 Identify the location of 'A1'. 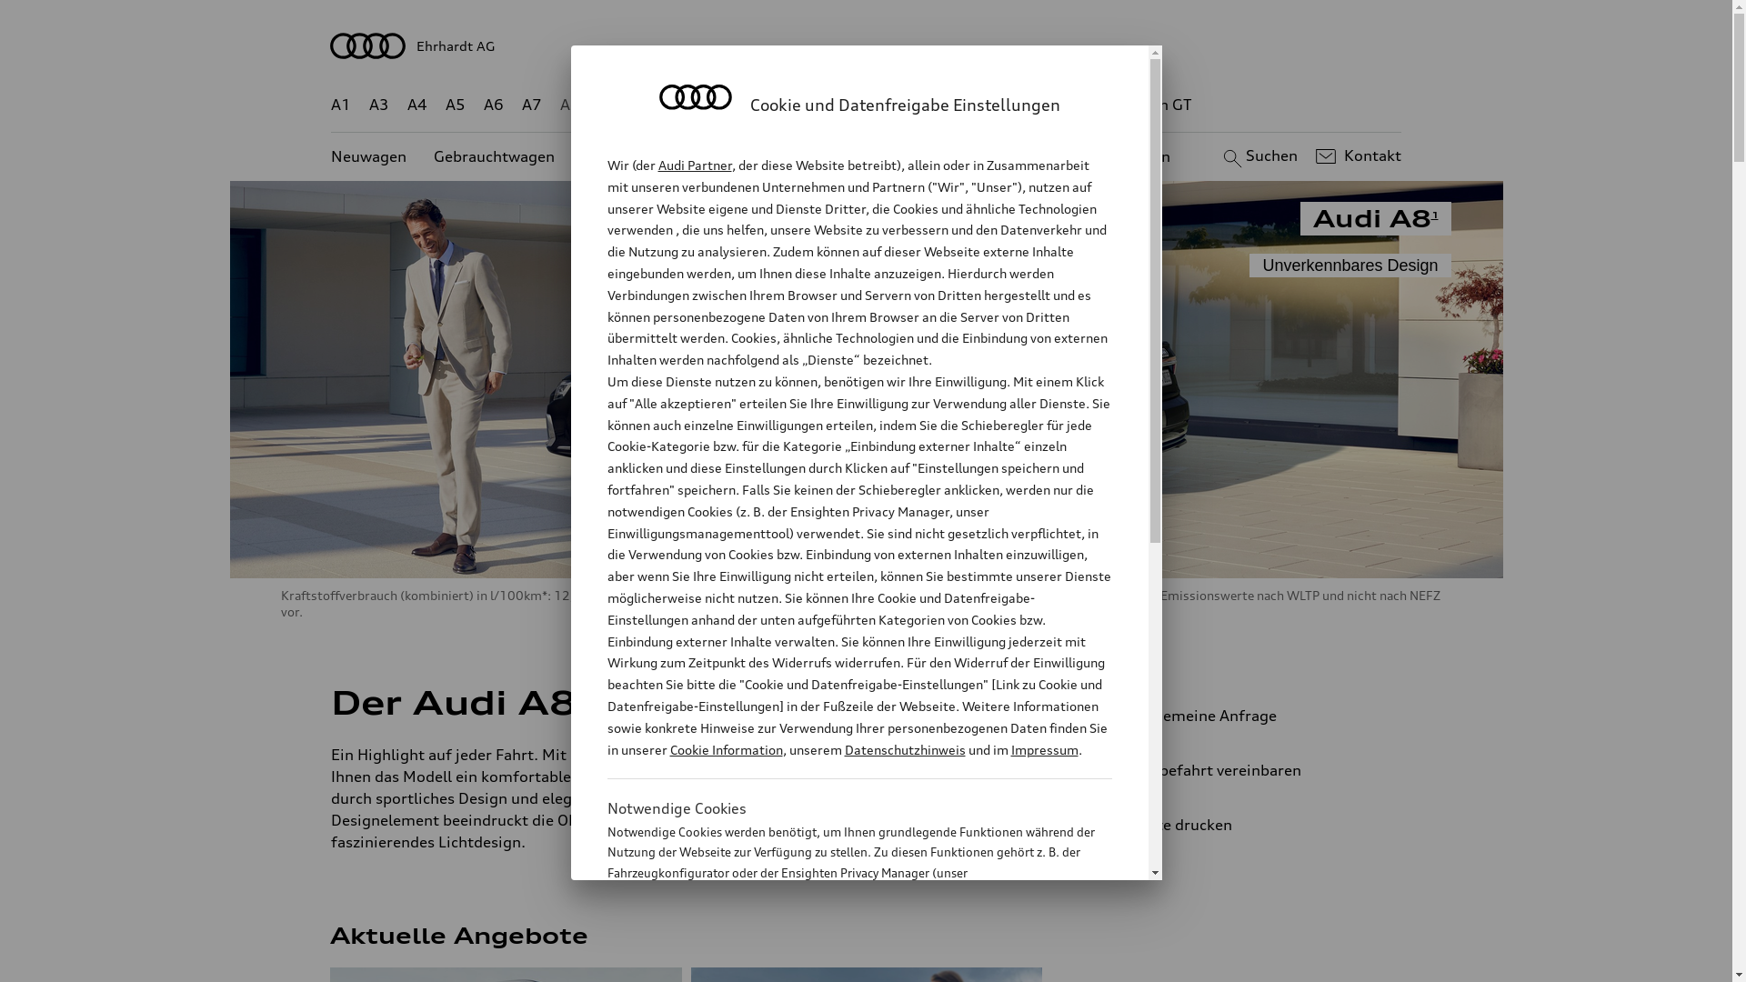
(340, 105).